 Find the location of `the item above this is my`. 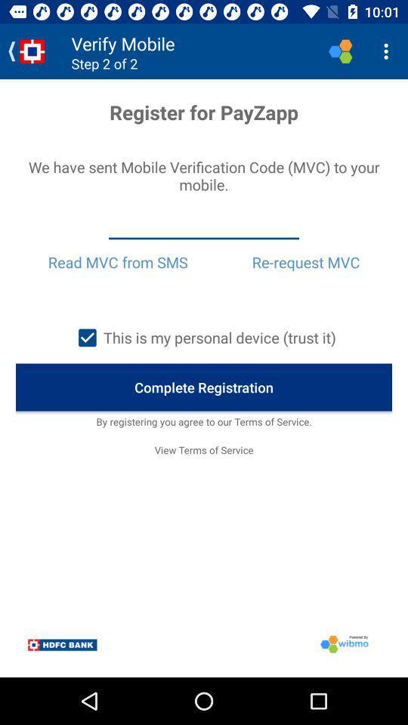

the item above this is my is located at coordinates (117, 262).